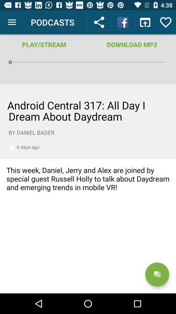 This screenshot has width=176, height=314. I want to click on browse this podcast episode, so click(88, 189).